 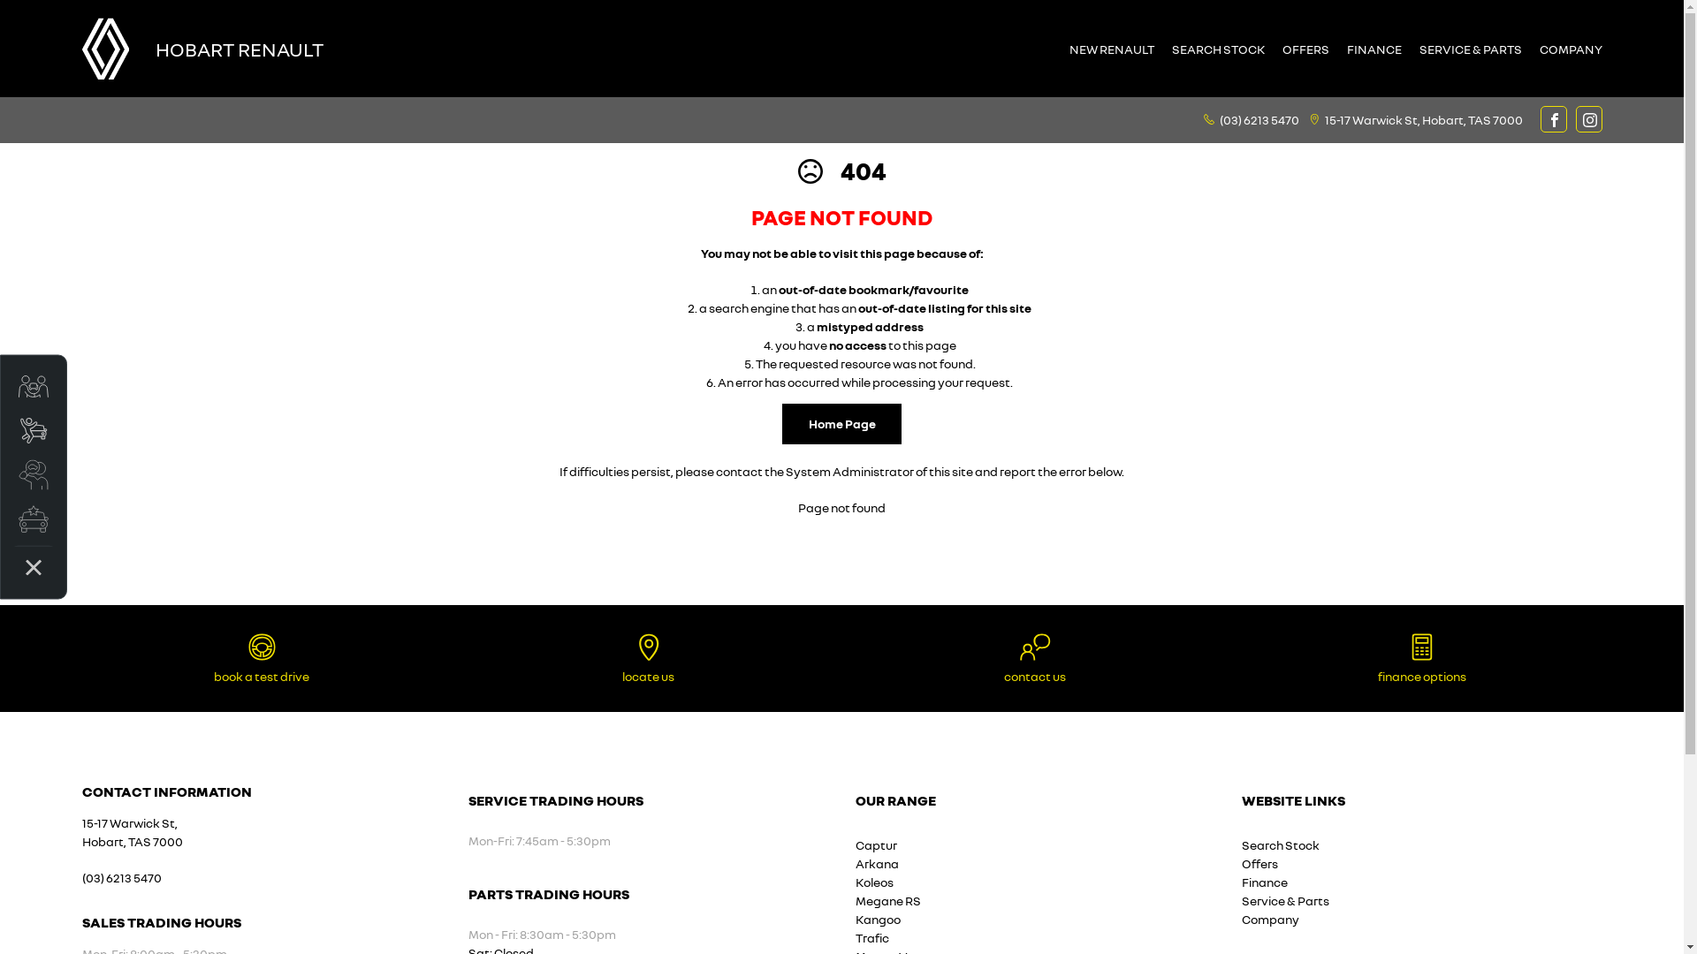 What do you see at coordinates (1374, 48) in the screenshot?
I see `'FINANCE'` at bounding box center [1374, 48].